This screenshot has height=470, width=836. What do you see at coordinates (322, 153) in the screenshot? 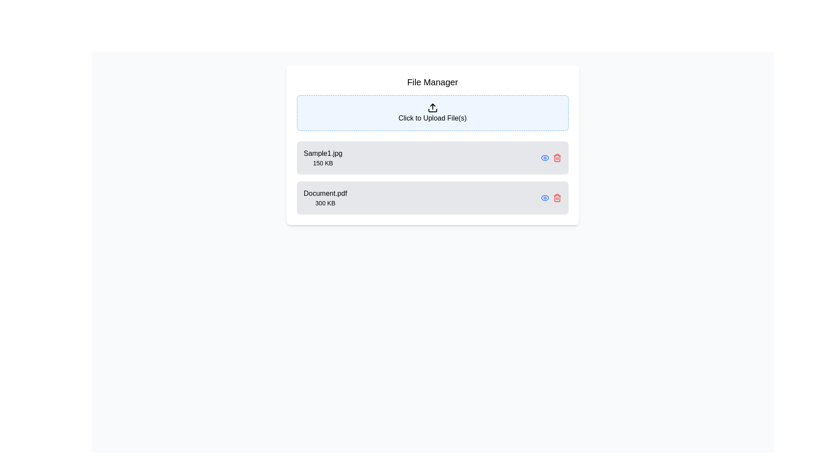
I see `text of the label displaying 'Sample1.jpg', which is positioned in the upper-left corner of a file detail card` at bounding box center [322, 153].